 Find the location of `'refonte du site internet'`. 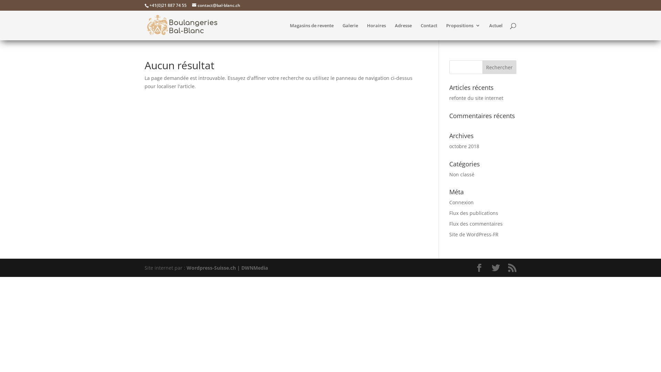

'refonte du site internet' is located at coordinates (476, 98).